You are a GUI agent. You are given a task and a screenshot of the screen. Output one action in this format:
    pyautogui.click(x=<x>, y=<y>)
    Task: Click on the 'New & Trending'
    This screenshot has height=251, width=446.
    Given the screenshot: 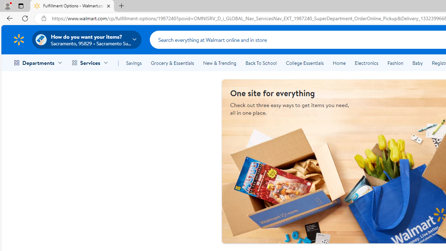 What is the action you would take?
    pyautogui.click(x=220, y=63)
    